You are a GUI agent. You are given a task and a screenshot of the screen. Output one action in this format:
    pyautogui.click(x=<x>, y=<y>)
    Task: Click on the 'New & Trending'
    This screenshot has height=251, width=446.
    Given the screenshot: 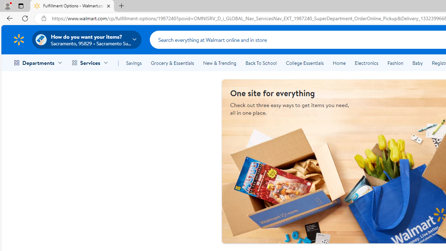 What is the action you would take?
    pyautogui.click(x=220, y=63)
    